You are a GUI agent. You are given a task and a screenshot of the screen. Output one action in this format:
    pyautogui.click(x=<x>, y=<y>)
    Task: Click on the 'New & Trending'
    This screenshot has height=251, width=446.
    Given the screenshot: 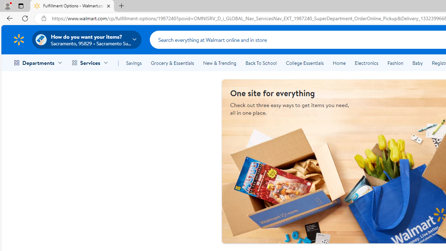 What is the action you would take?
    pyautogui.click(x=220, y=63)
    